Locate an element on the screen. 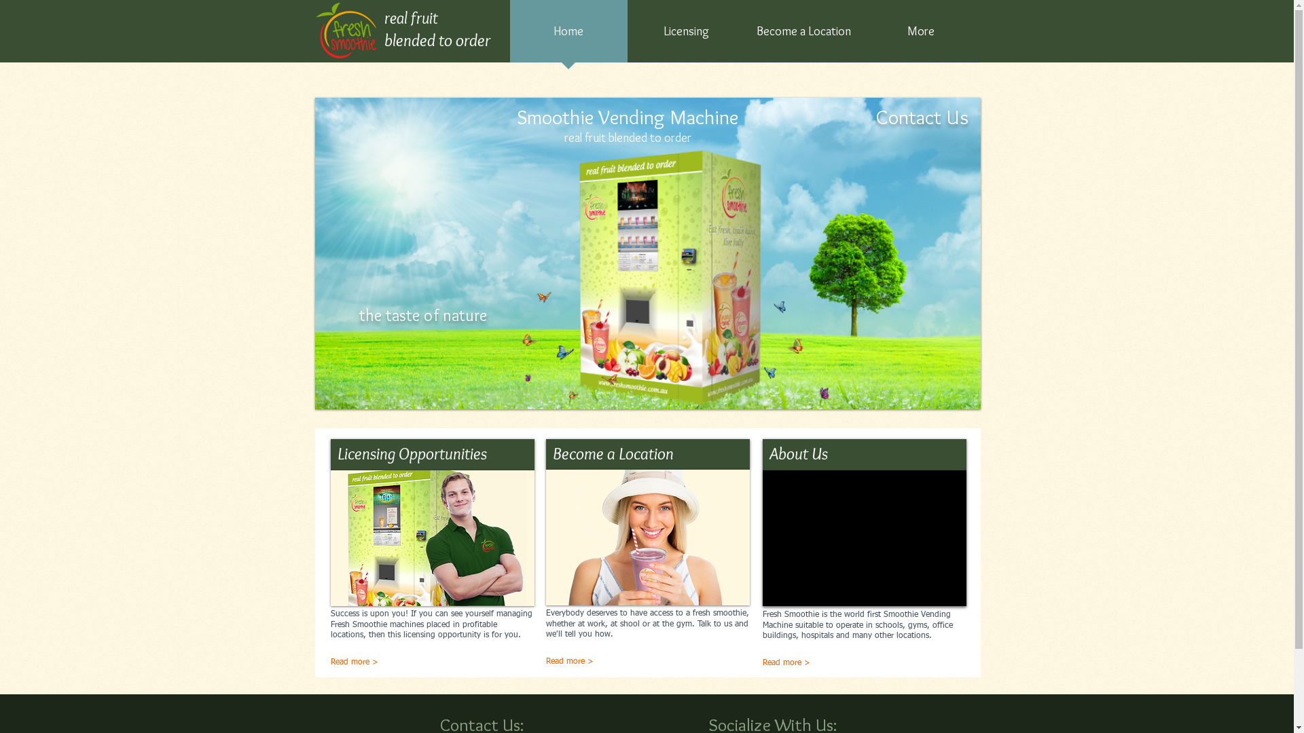 The width and height of the screenshot is (1304, 733). 'Licensing' is located at coordinates (686, 35).